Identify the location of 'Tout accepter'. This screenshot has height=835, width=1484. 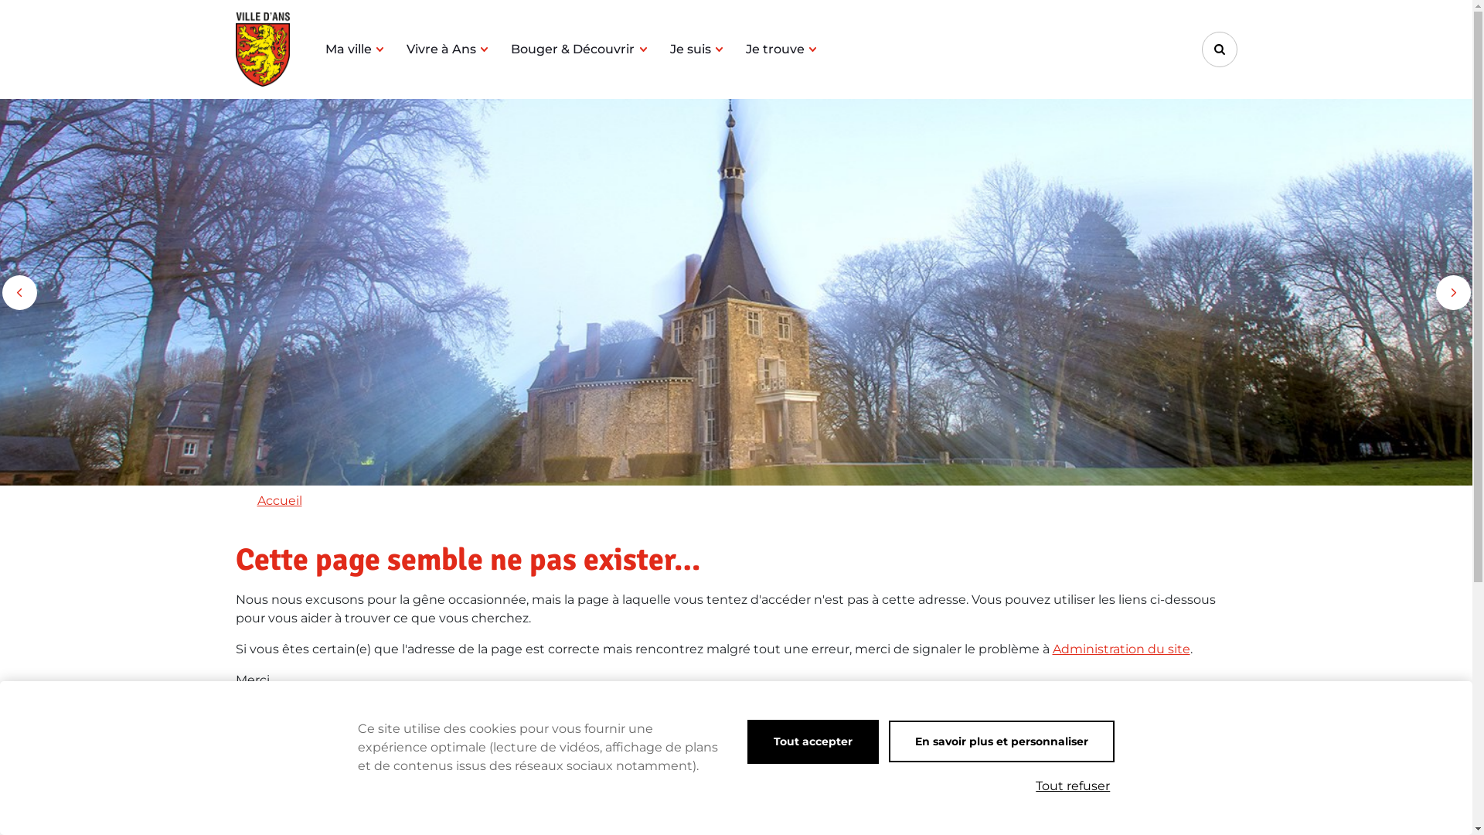
(812, 741).